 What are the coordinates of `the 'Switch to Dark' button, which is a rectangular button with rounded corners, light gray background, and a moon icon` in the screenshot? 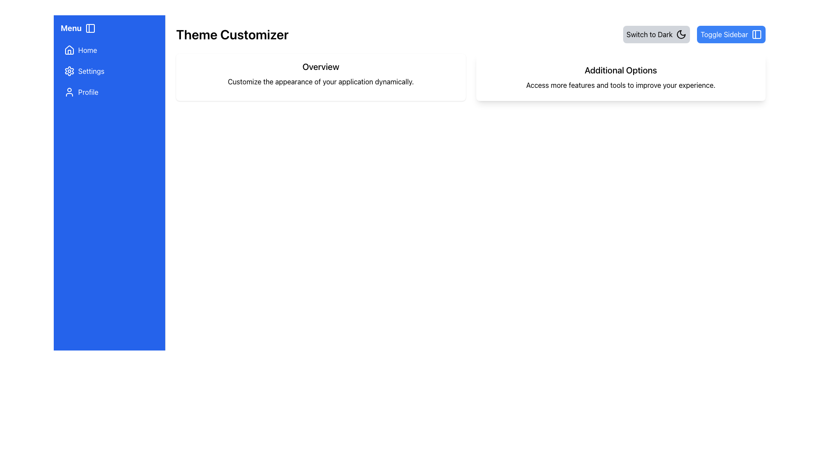 It's located at (656, 34).